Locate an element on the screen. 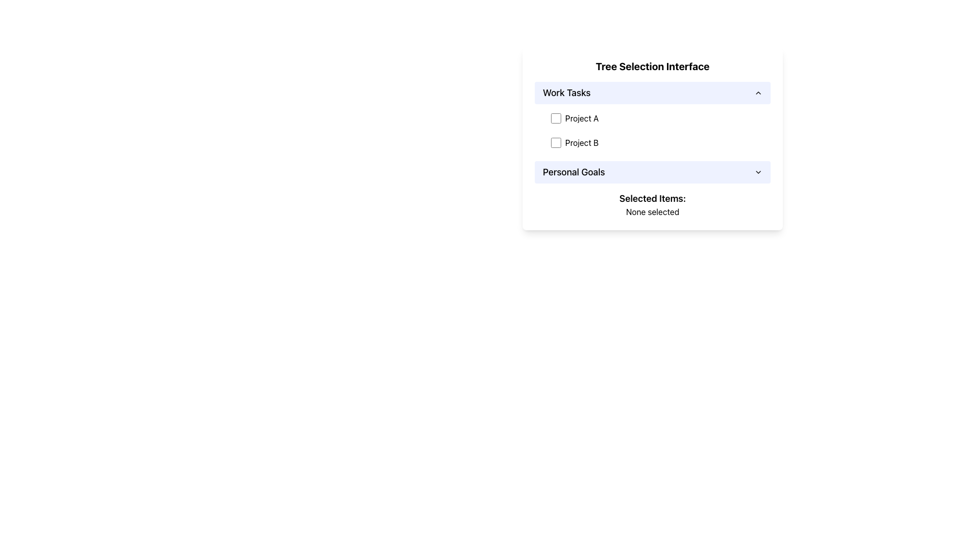 This screenshot has width=976, height=549. the unselected checkbox located to the left of the text 'Project A' in the 'Work Tasks' section is located at coordinates (556, 117).